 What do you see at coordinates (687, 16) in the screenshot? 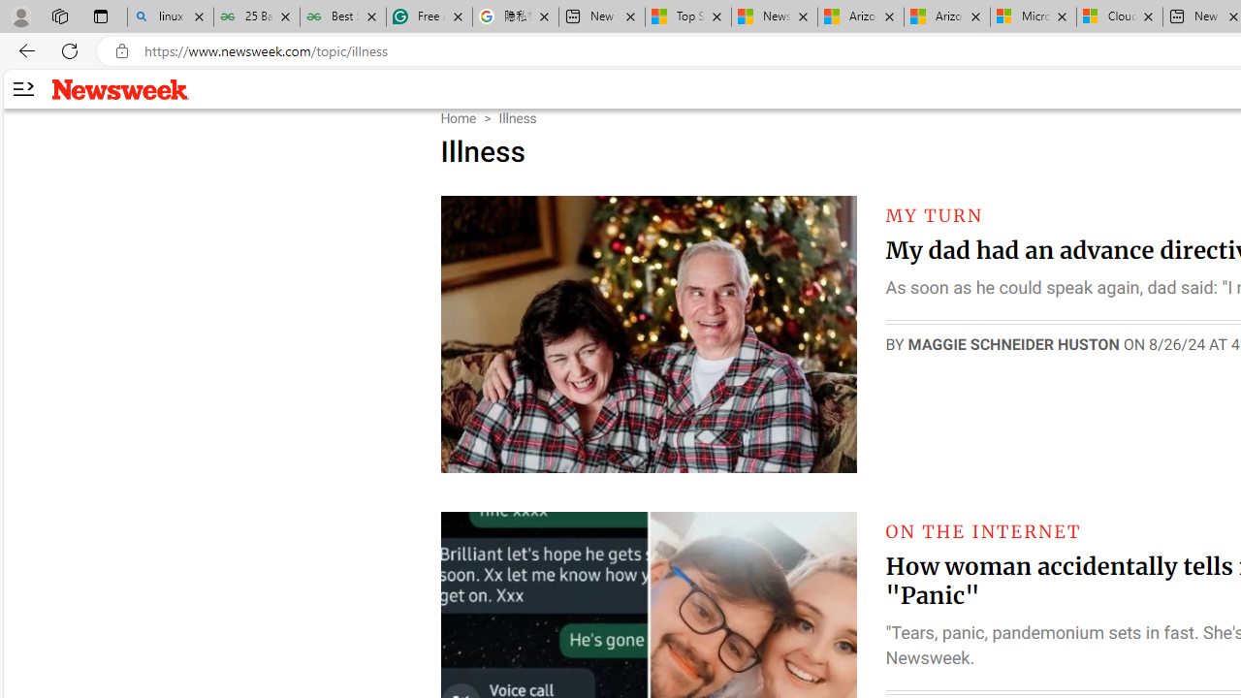
I see `'Top Stories - MSN'` at bounding box center [687, 16].